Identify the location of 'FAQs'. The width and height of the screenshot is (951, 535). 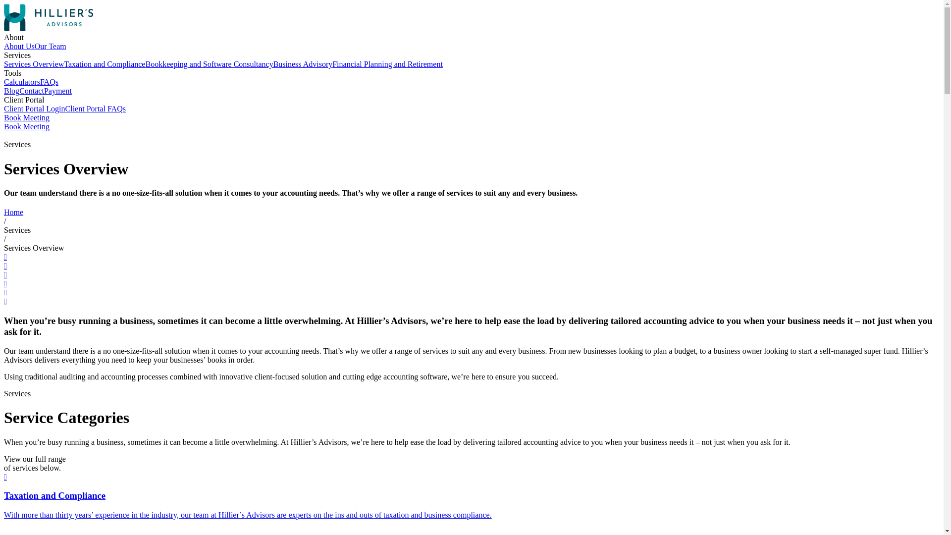
(49, 81).